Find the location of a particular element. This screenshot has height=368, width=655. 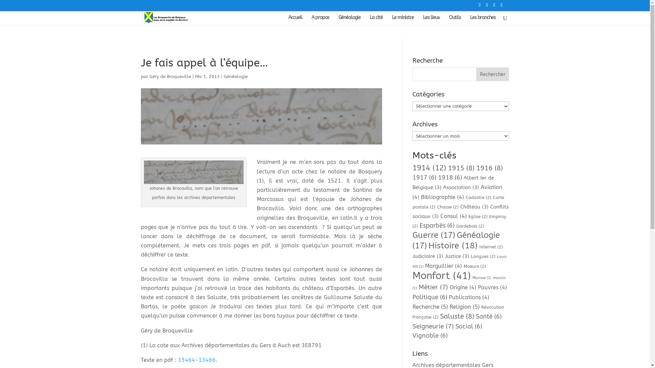

'Gardebois (2)' is located at coordinates (469, 226).